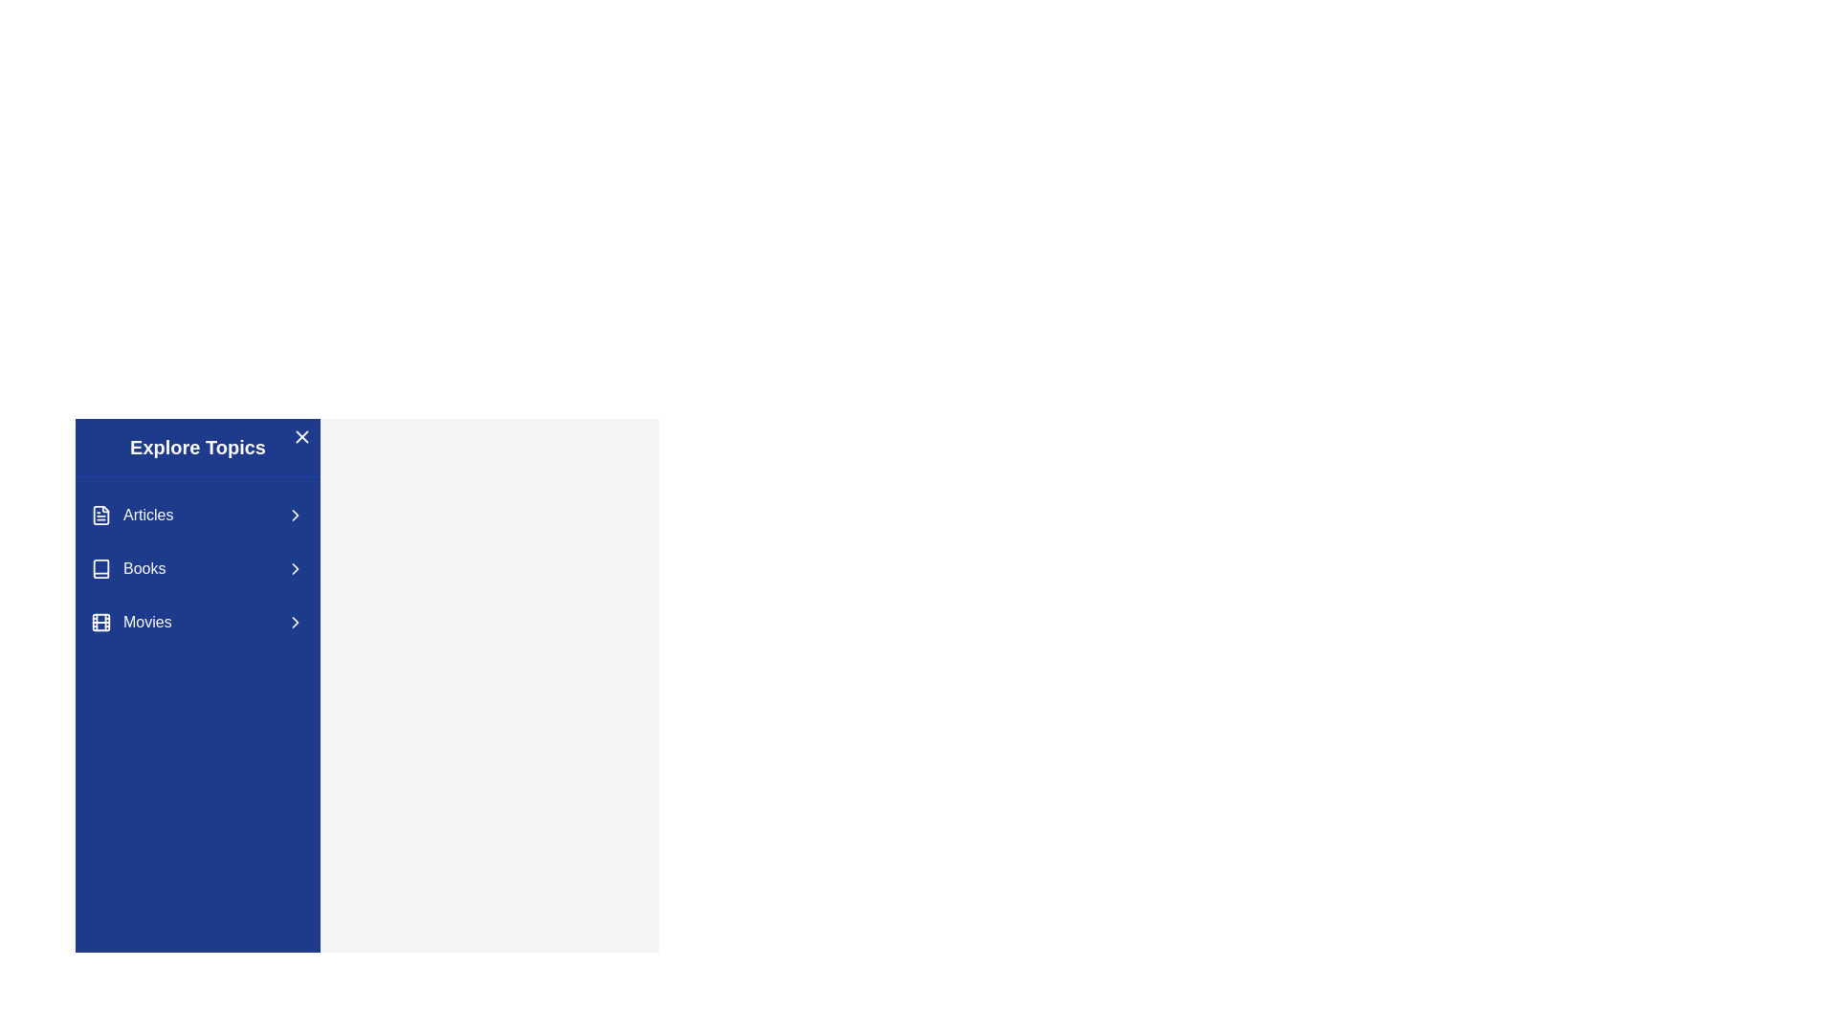  I want to click on the bold text label reading 'Explore Topics' located at the top of the vertical navigation menu with a blue background, so click(197, 447).